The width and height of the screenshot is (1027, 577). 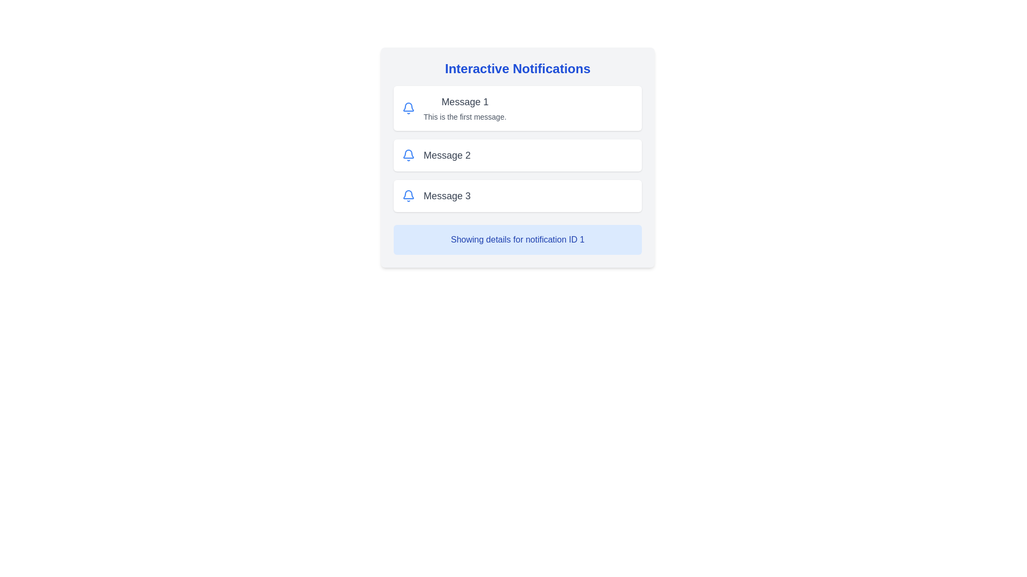 I want to click on the notification icon representing 'Message 3', which is located to the left of the text 'Message 3' within the notification card, so click(x=408, y=196).